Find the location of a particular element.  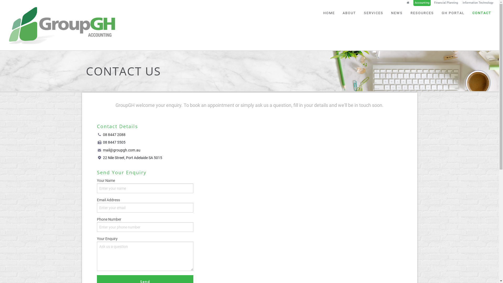

'NEWS' is located at coordinates (397, 13).